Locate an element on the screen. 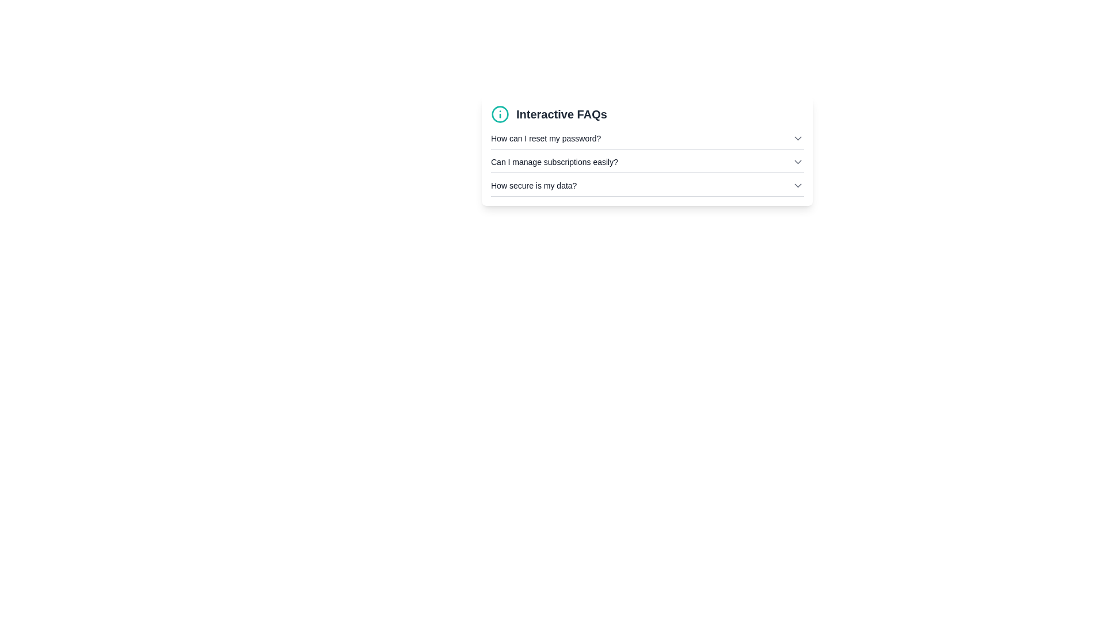  the third FAQ entry in the dropdown list is located at coordinates (647, 185).